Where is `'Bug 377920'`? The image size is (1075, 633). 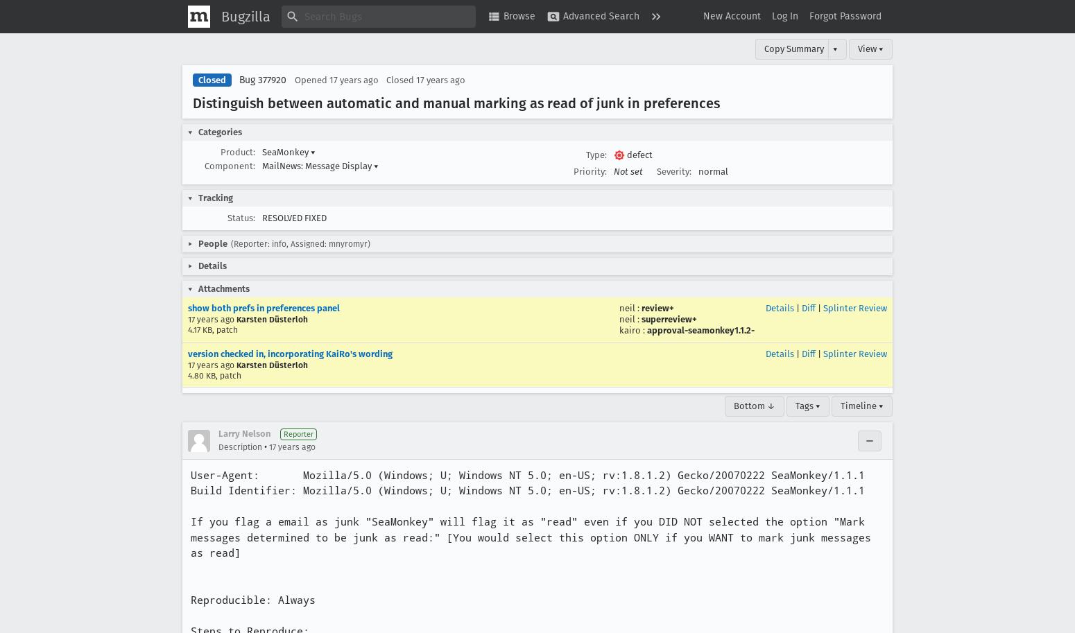
'Bug 377920' is located at coordinates (261, 80).